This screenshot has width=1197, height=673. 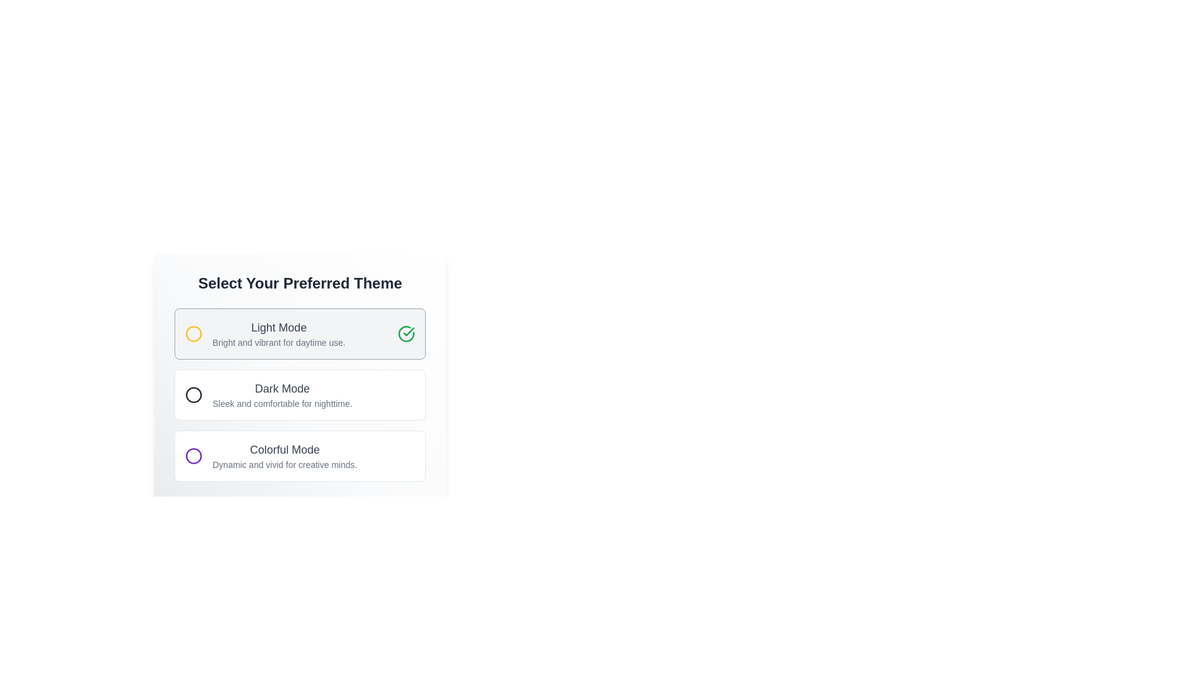 I want to click on the state indication of the Indicator icon, a circular icon with a green check mark located in the top-right corner of the 'Light Mode' option in the theme selection menu, so click(x=406, y=333).